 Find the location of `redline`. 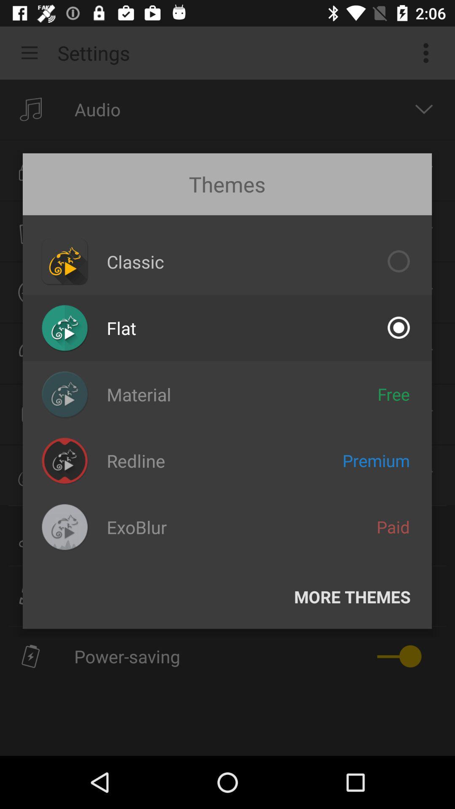

redline is located at coordinates (135, 460).